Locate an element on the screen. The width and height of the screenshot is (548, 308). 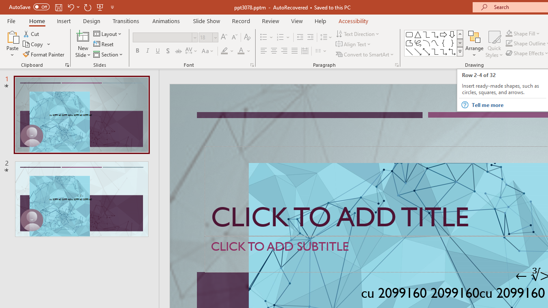
'Line Arrow' is located at coordinates (418, 51).